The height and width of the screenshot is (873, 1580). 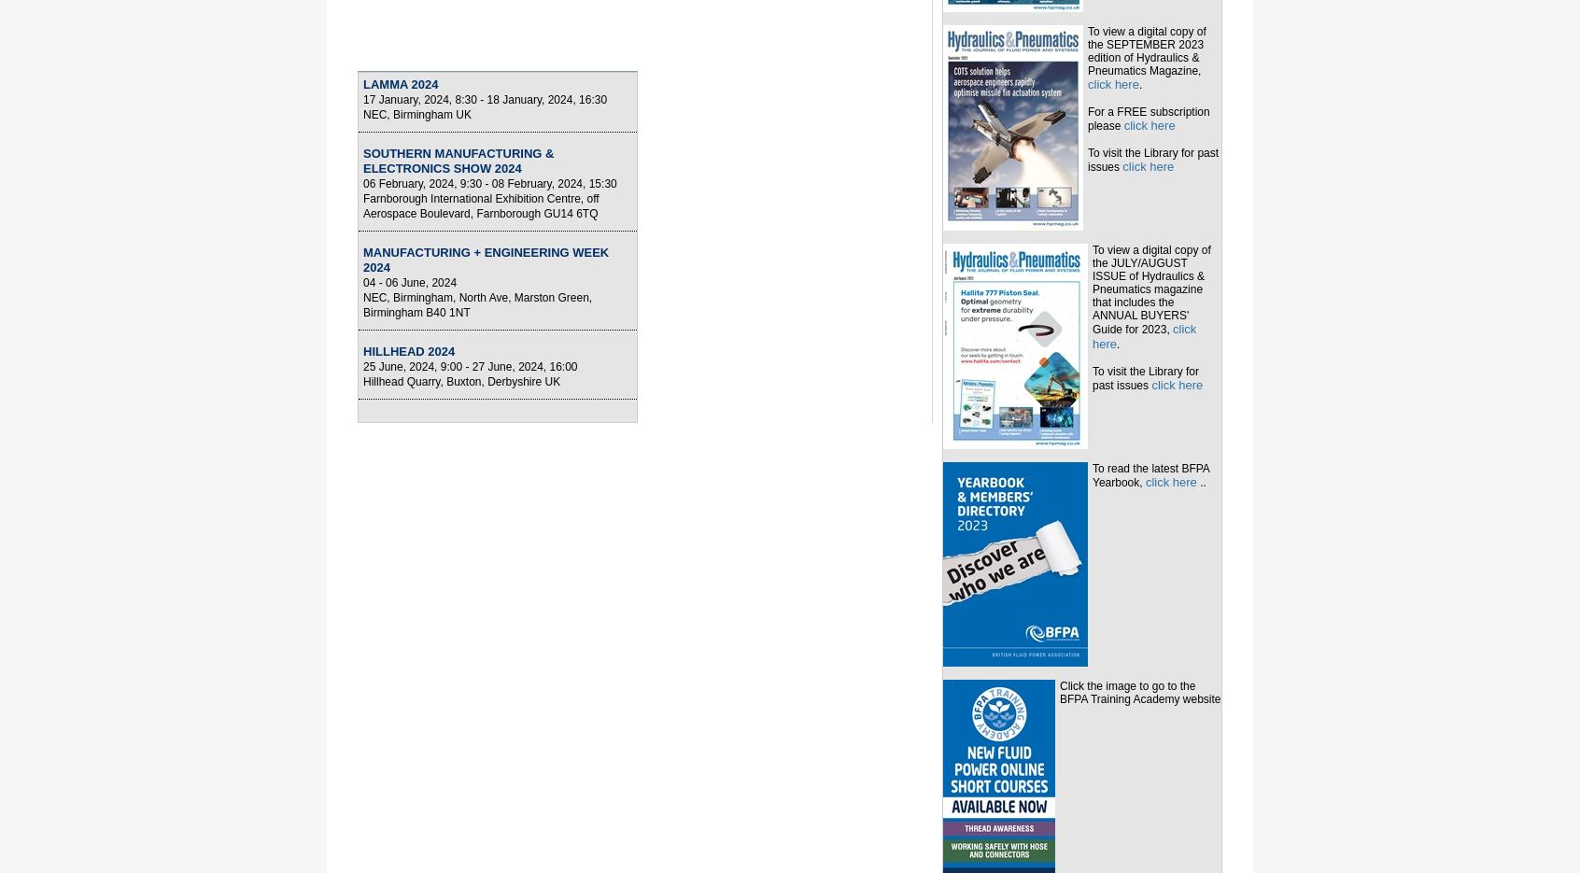 What do you see at coordinates (409, 283) in the screenshot?
I see `'04 - 06 June, 2024'` at bounding box center [409, 283].